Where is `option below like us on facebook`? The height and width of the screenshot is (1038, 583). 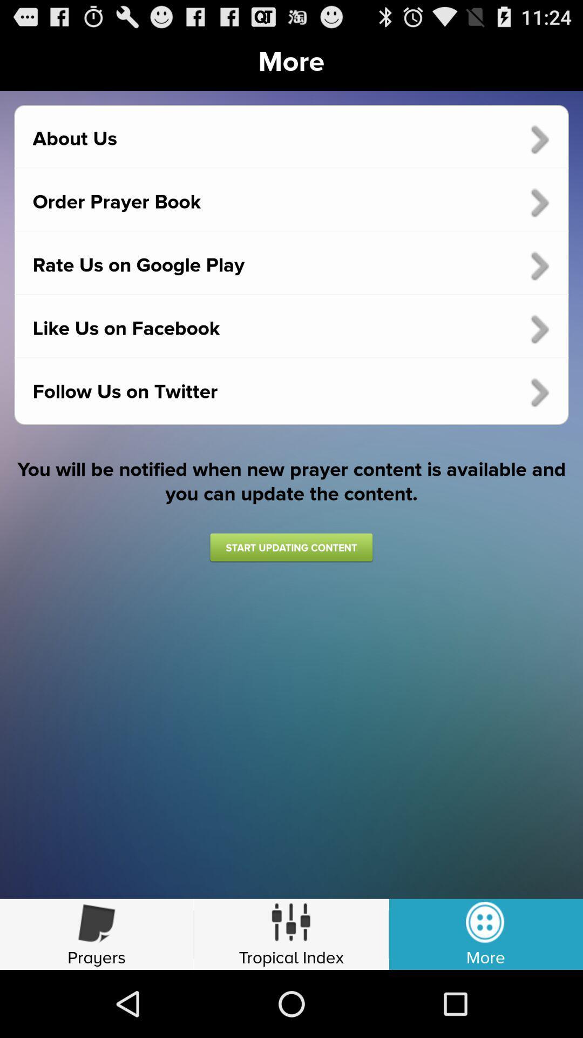
option below like us on facebook is located at coordinates (291, 398).